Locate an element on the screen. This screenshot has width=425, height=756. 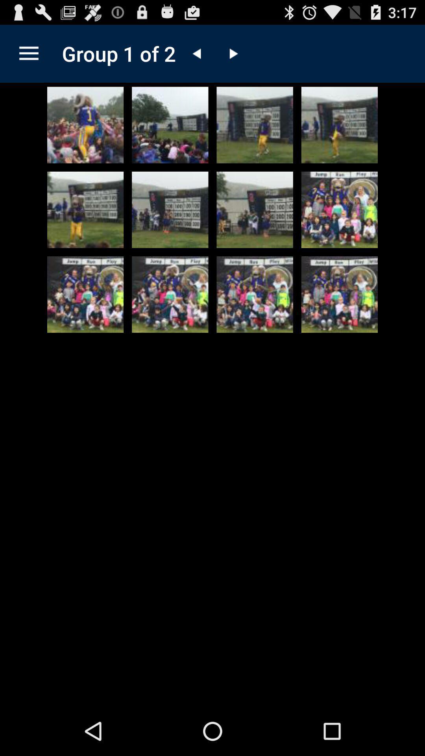
click picture is located at coordinates (339, 209).